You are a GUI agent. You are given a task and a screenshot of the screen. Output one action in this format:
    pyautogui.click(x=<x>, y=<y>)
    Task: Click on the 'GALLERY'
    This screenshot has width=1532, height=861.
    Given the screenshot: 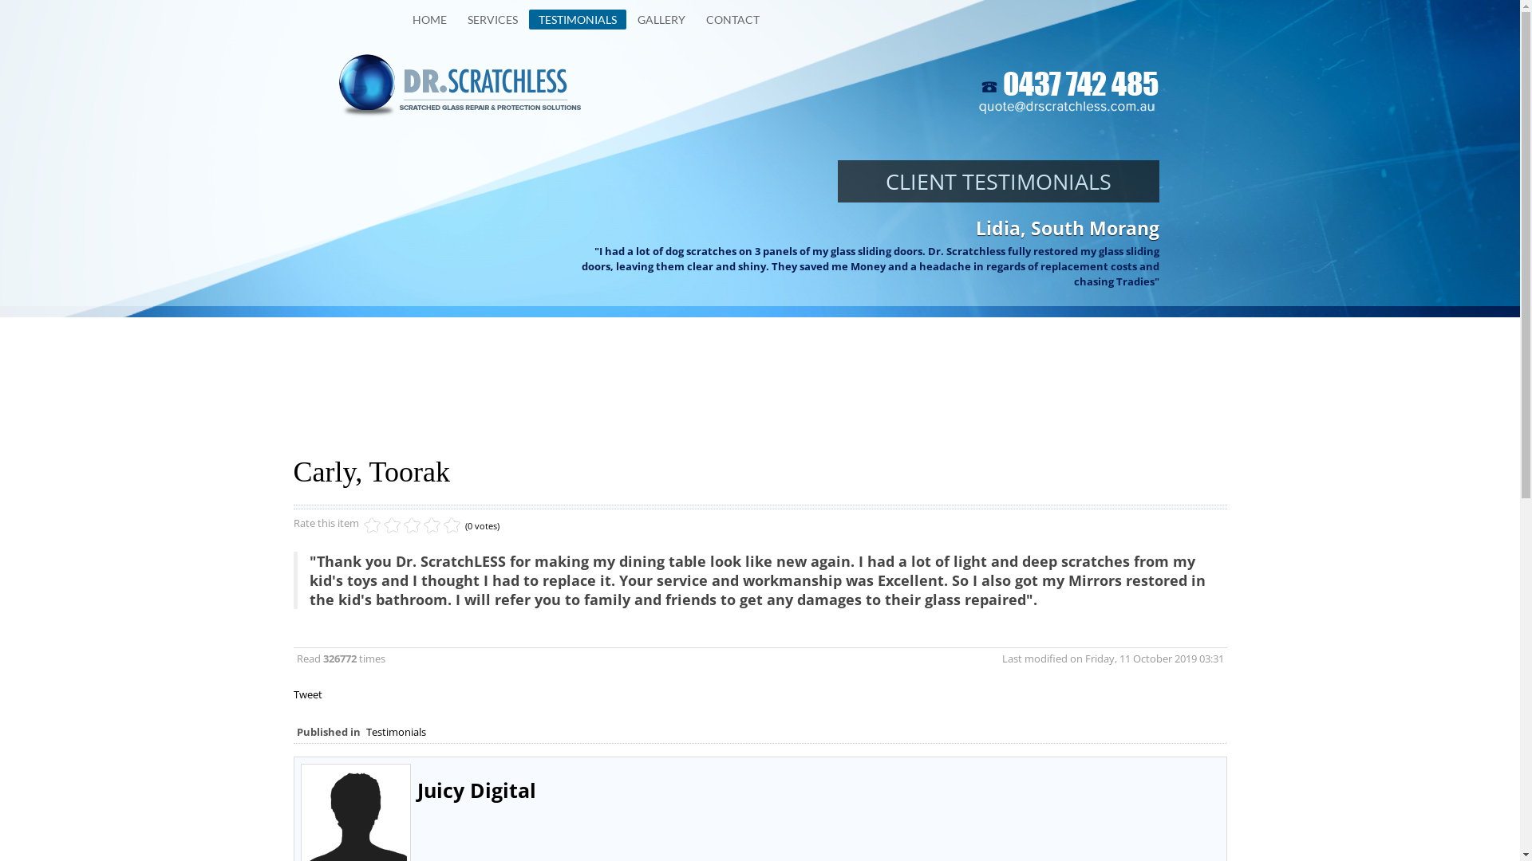 What is the action you would take?
    pyautogui.click(x=661, y=19)
    